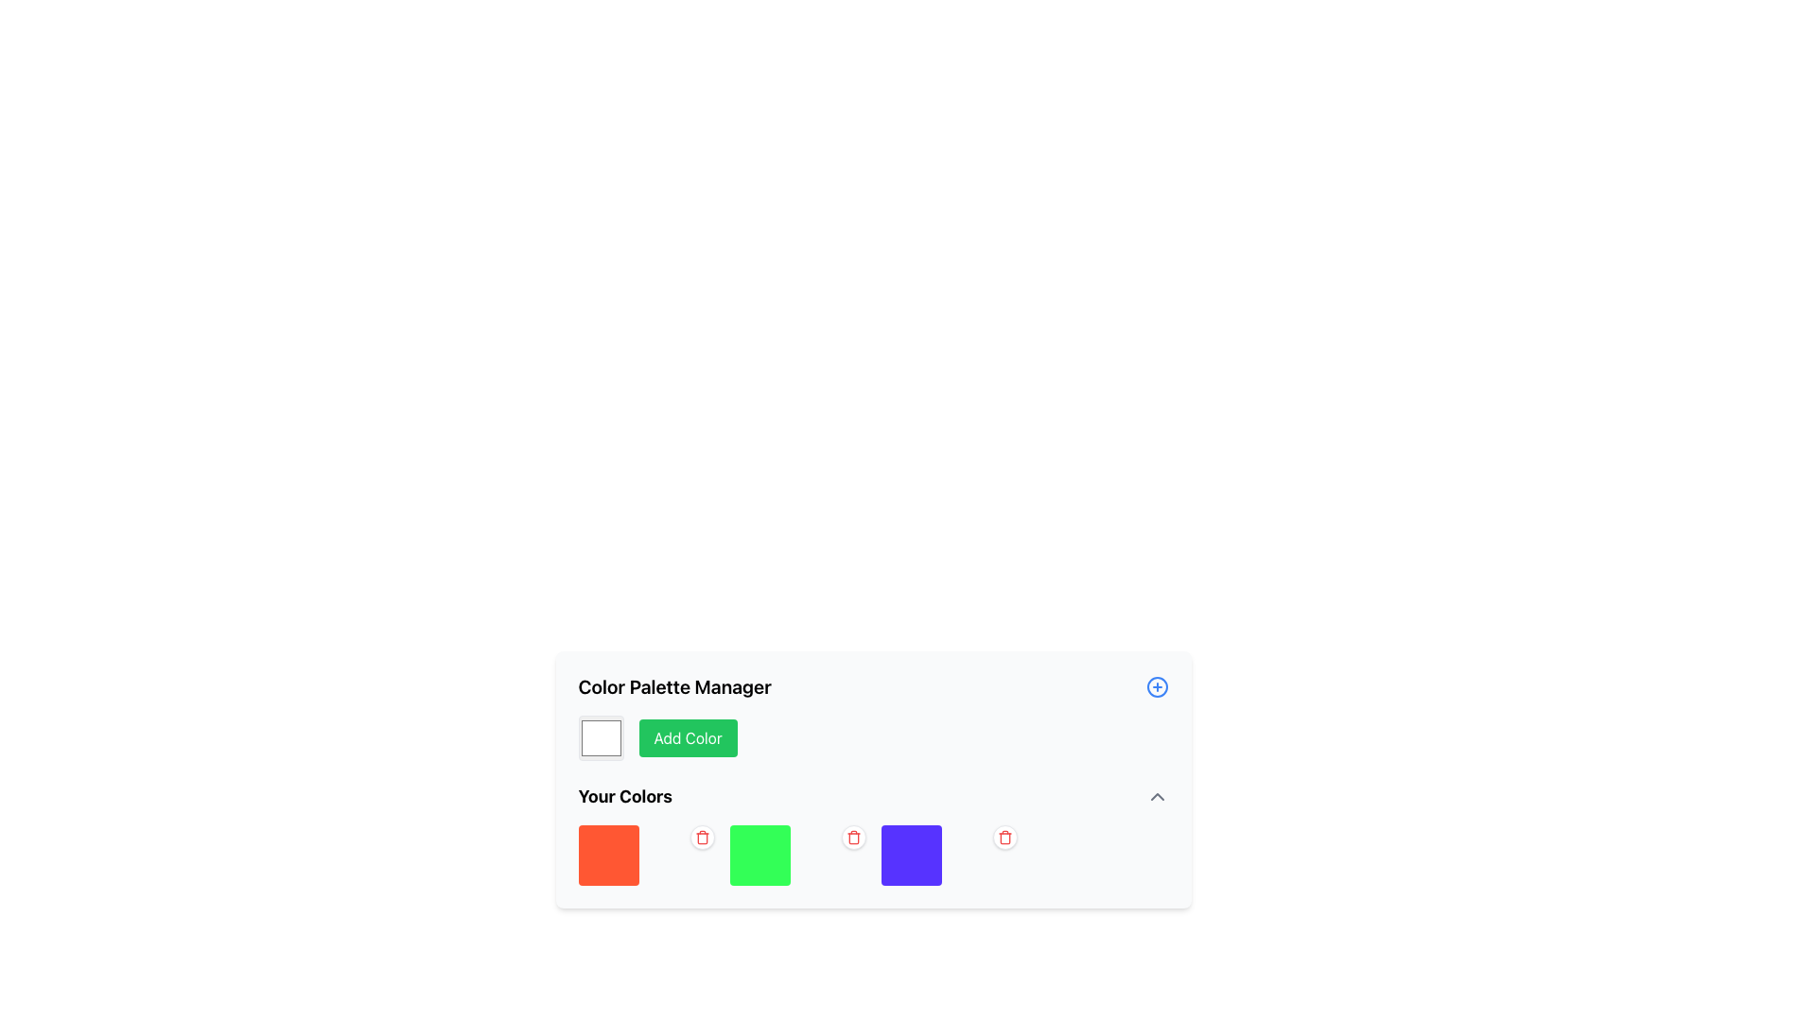 The height and width of the screenshot is (1021, 1816). Describe the element at coordinates (852, 837) in the screenshot. I see `the delete button located in the top-right corner of the color palette` at that location.